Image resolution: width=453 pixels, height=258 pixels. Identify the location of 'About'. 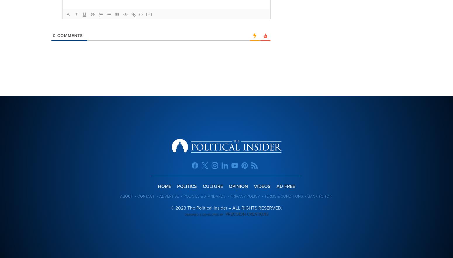
(126, 196).